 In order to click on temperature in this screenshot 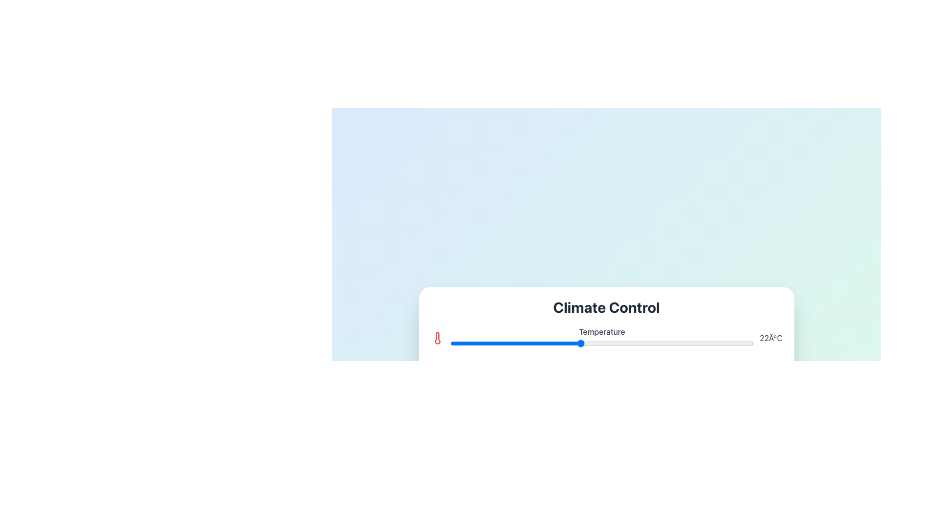, I will do `click(666, 343)`.